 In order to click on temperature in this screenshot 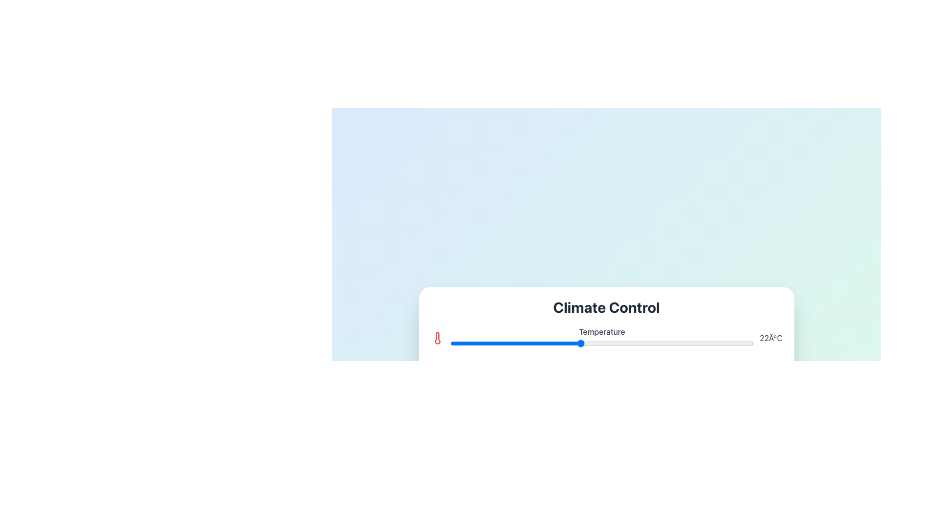, I will do `click(666, 343)`.